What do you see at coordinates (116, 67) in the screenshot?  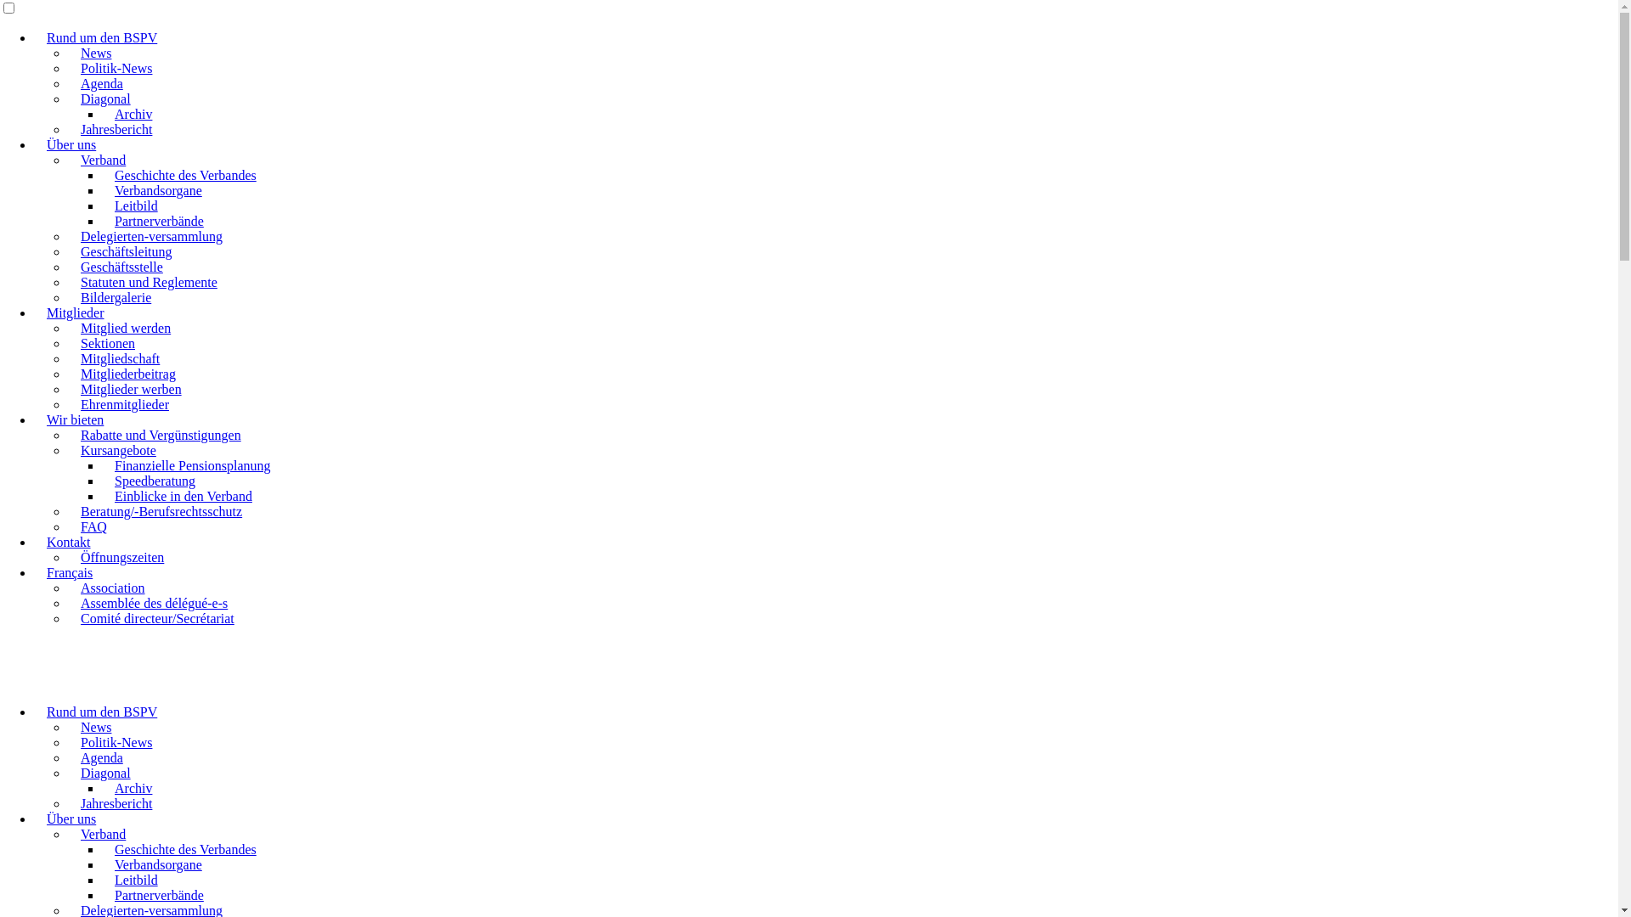 I see `'Politik-News'` at bounding box center [116, 67].